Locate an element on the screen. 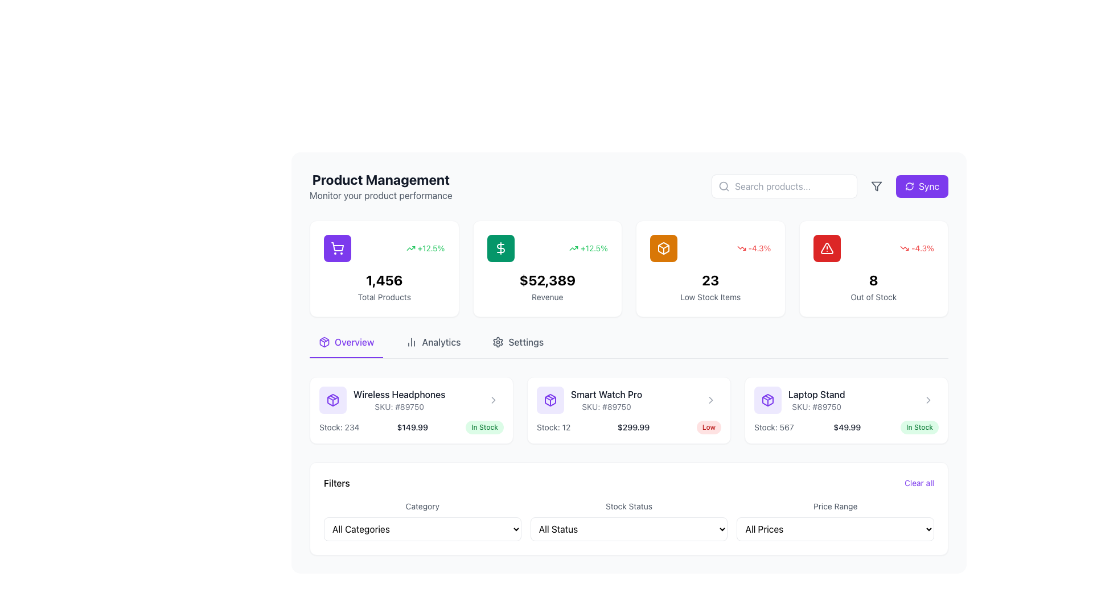 The image size is (1093, 614). the amber-orange square icon with a white box symbol, located in the third segment of the top row of information cards between 'Revenue' and 'Out of Stock' is located at coordinates (664, 247).